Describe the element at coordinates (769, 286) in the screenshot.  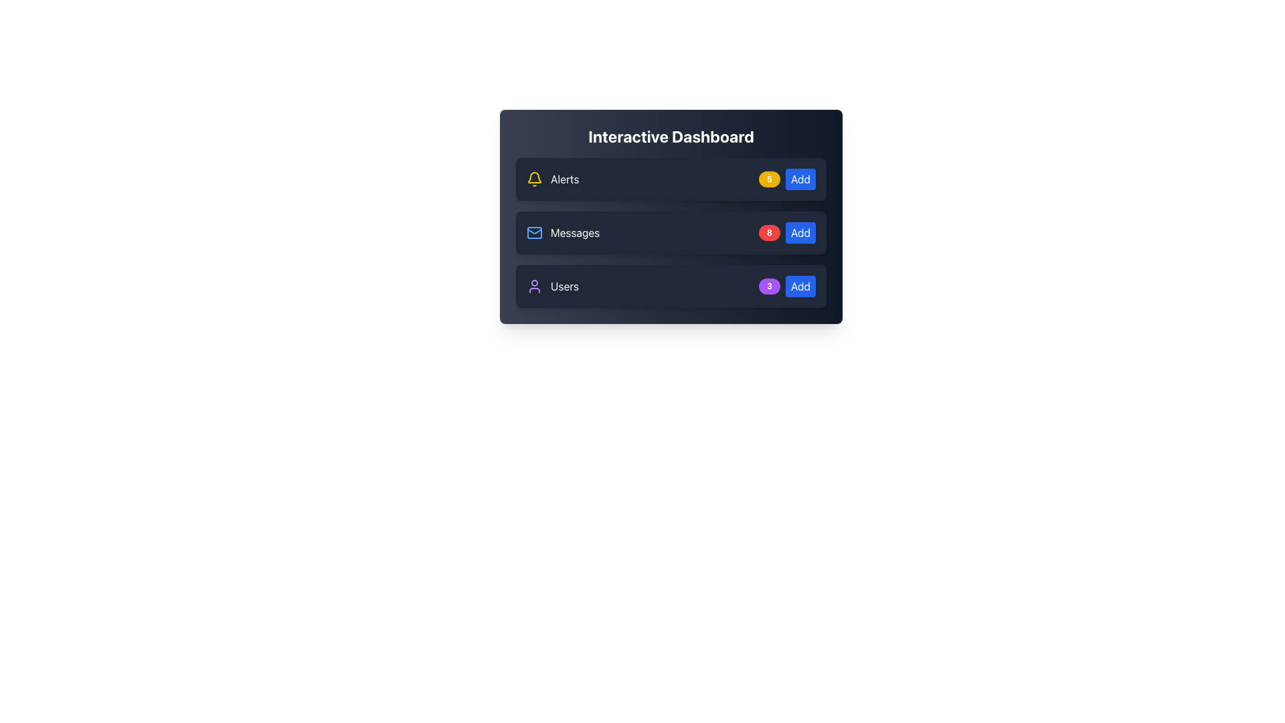
I see `the badge indicating the number '3' located to the left of the blue 'Add' button in the 'Users' section of the 'Interactive Dashboard'` at that location.